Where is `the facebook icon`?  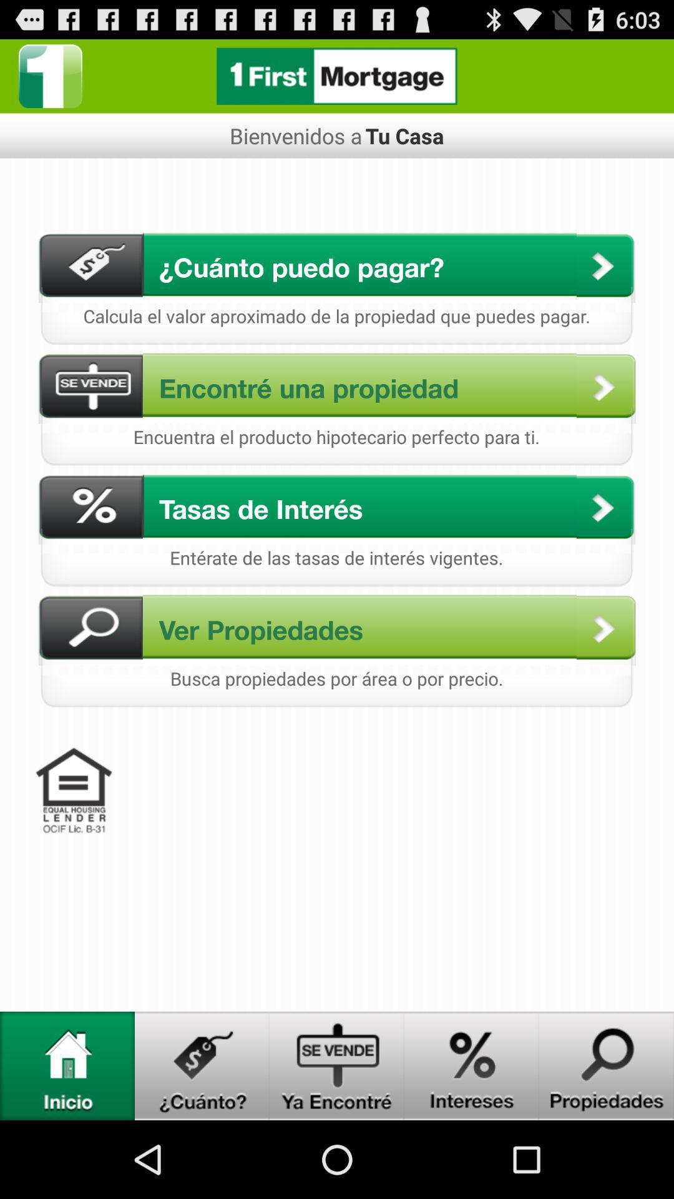
the facebook icon is located at coordinates (50, 81).